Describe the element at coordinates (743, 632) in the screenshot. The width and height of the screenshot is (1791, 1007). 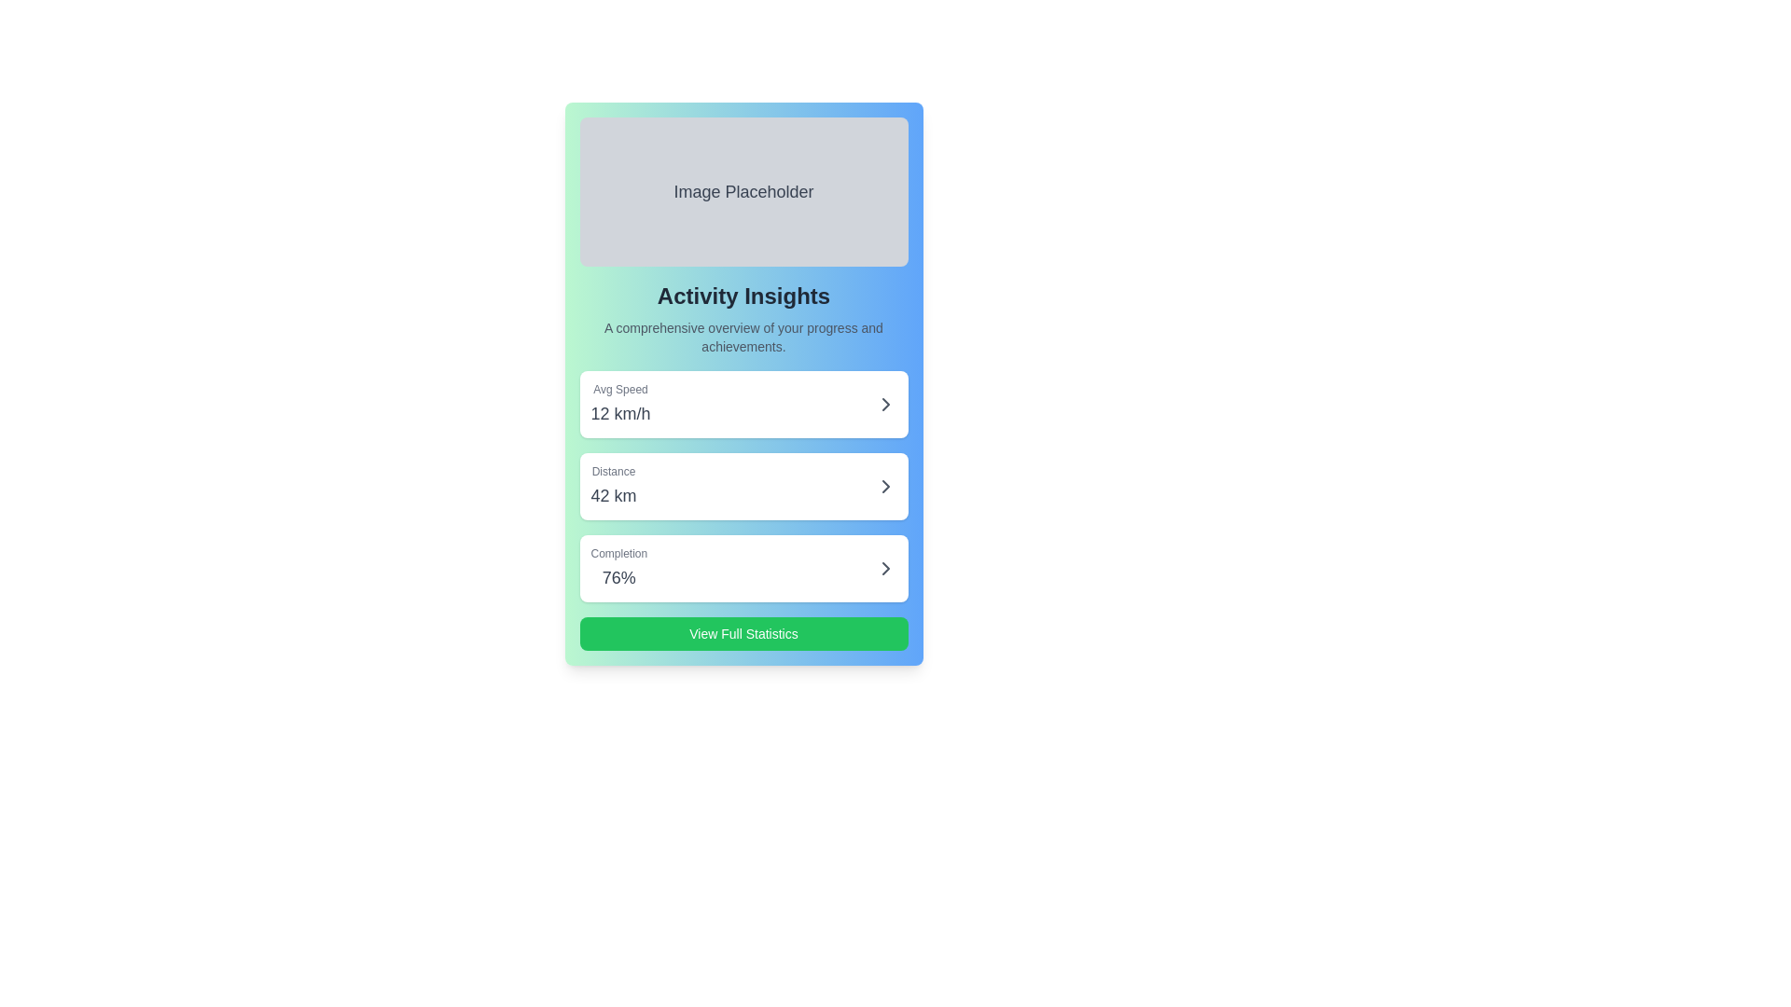
I see `the 'View Full Statistics' button, which is a horizontally elongated rectangular button with a green background and white text, located at the bottom of the layout to observe the color change effect` at that location.